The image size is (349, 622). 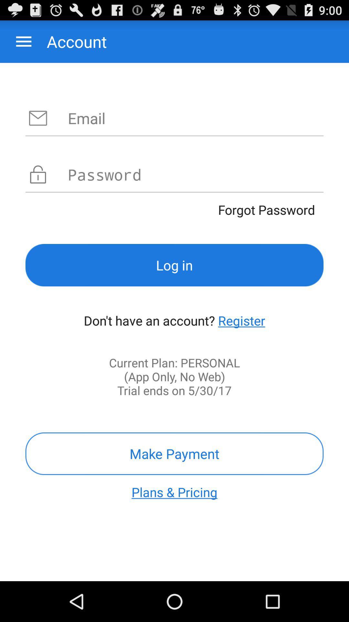 What do you see at coordinates (241, 320) in the screenshot?
I see `item below the log in icon` at bounding box center [241, 320].